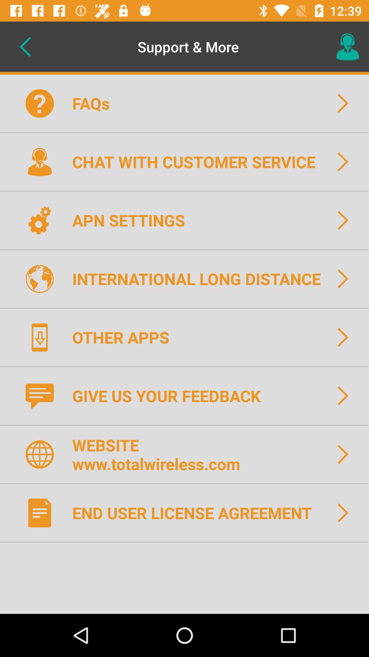  What do you see at coordinates (196, 513) in the screenshot?
I see `item below website www totalwireless` at bounding box center [196, 513].